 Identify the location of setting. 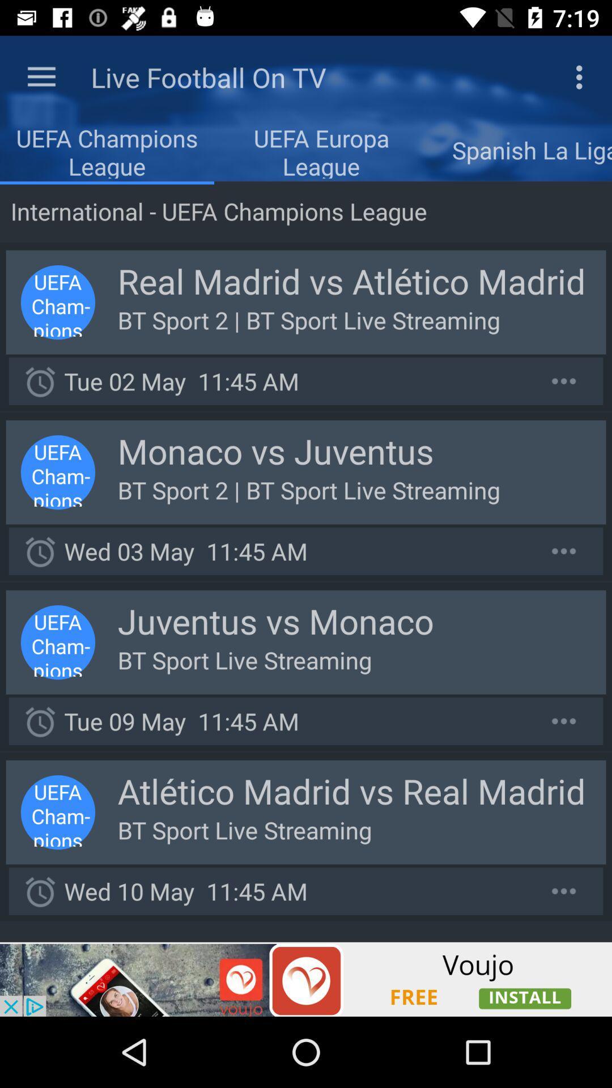
(564, 381).